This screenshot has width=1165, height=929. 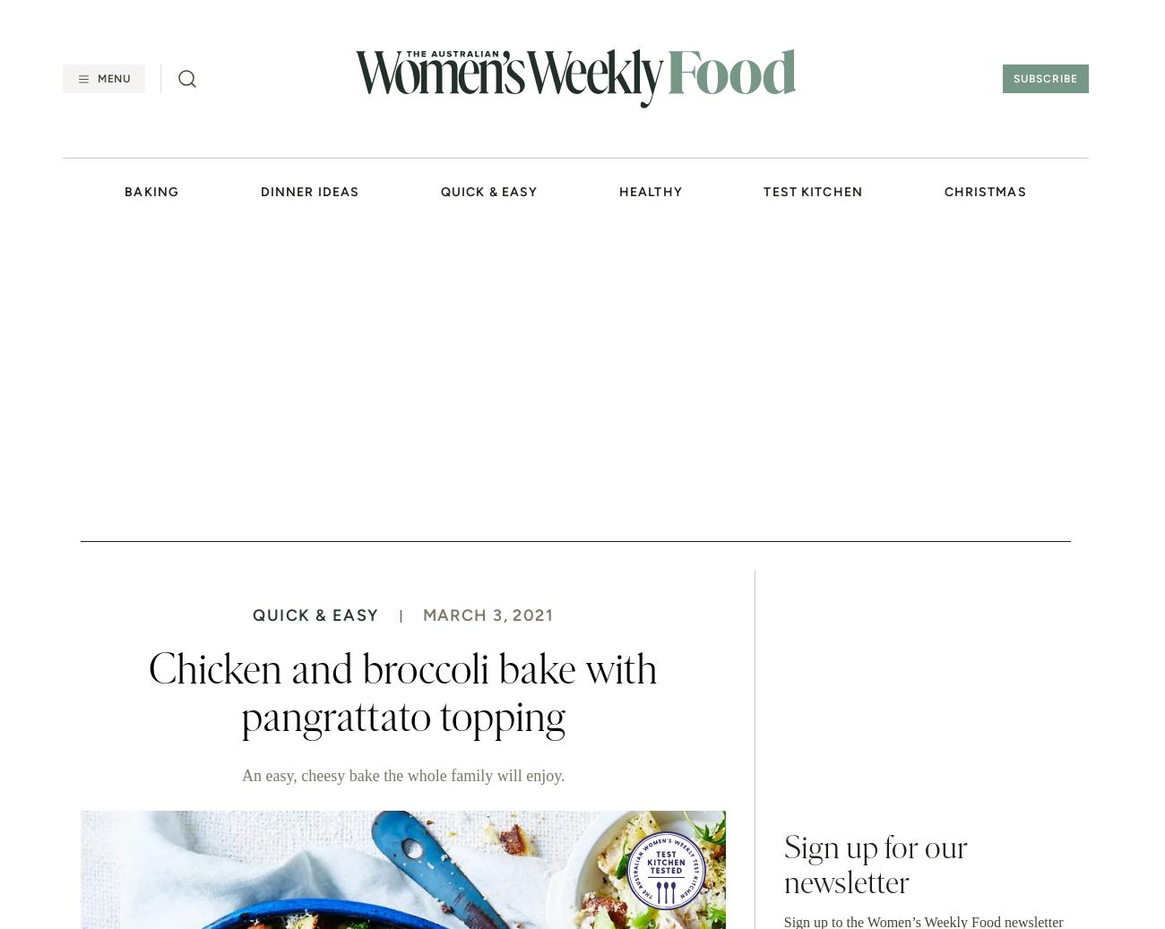 What do you see at coordinates (308, 191) in the screenshot?
I see `'Dinner ideas'` at bounding box center [308, 191].